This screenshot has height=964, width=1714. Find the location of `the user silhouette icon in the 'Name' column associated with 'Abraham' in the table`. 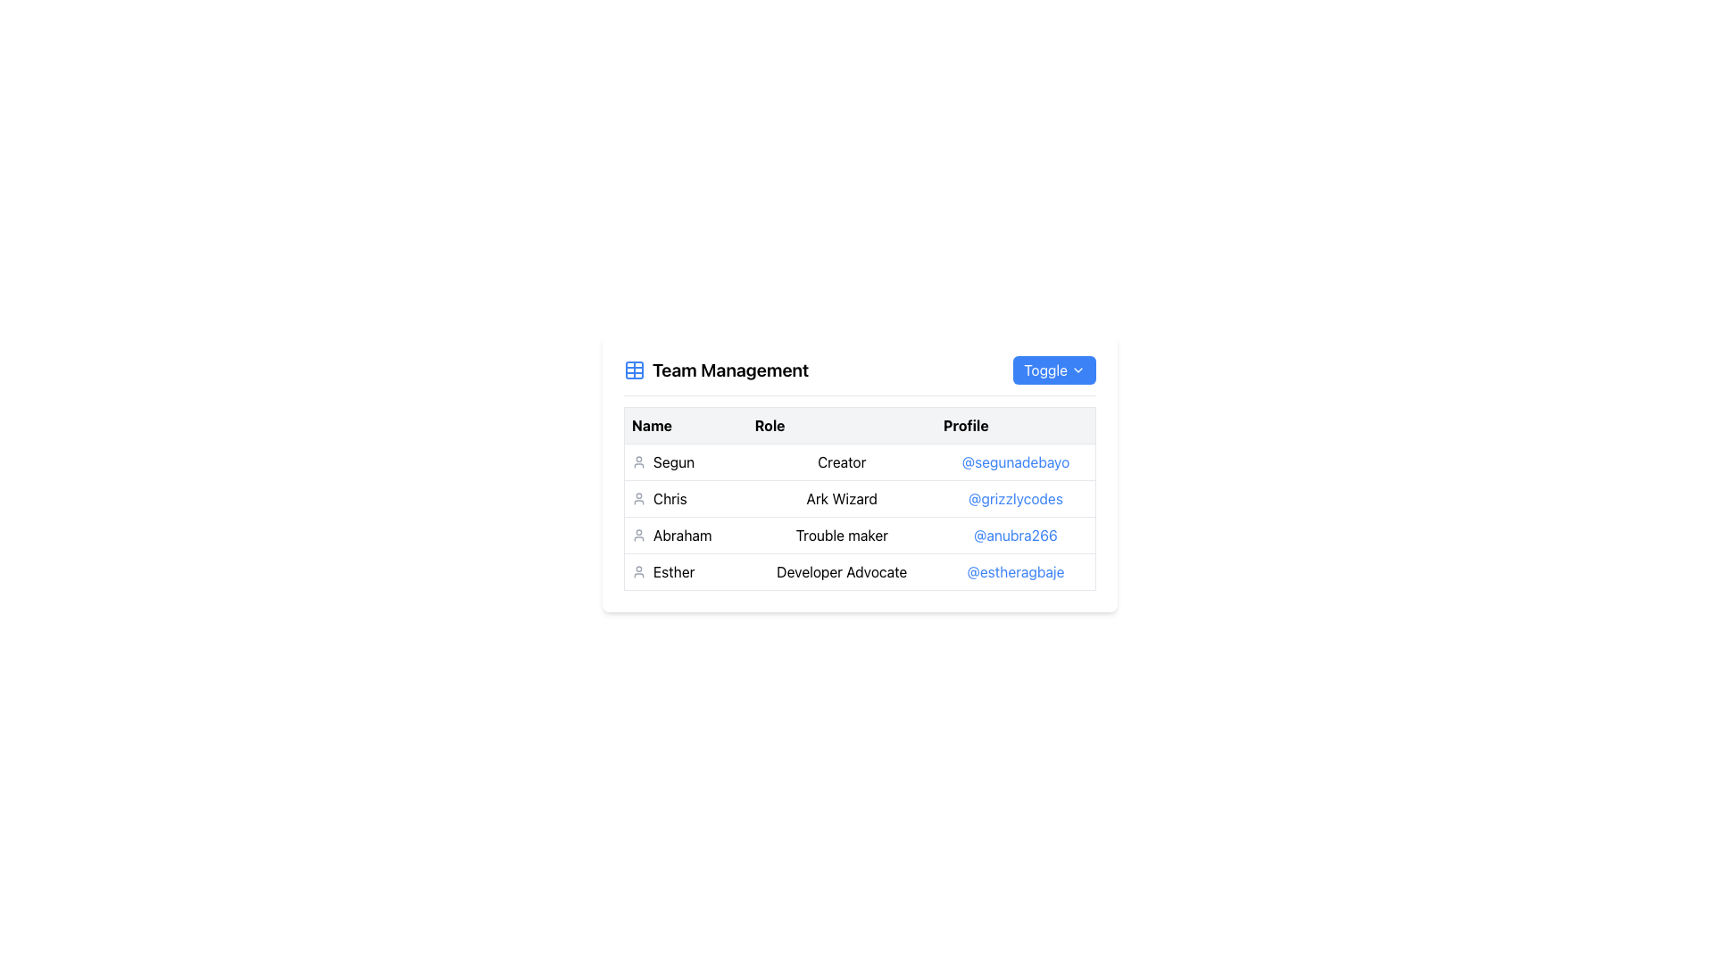

the user silhouette icon in the 'Name' column associated with 'Abraham' in the table is located at coordinates (638, 535).